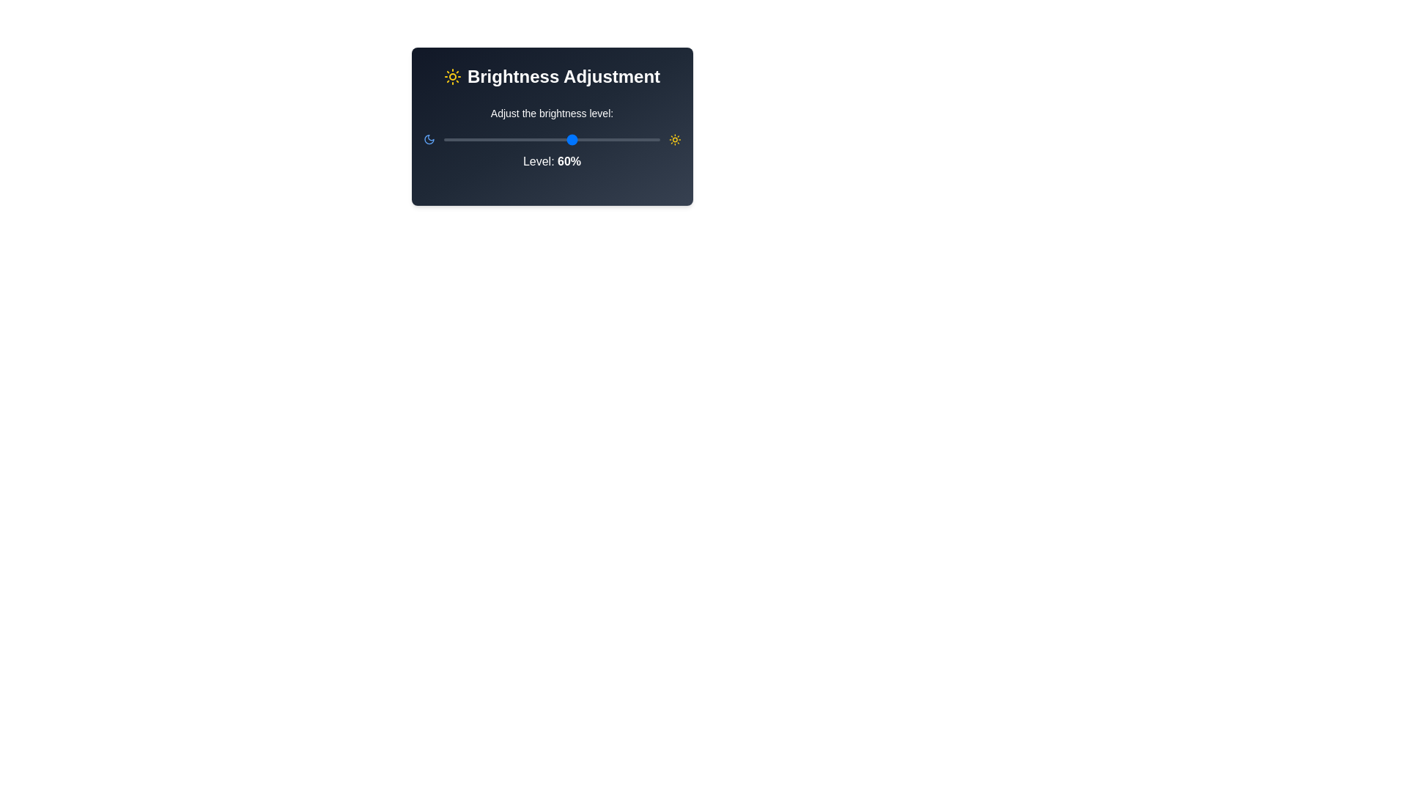  What do you see at coordinates (551, 76) in the screenshot?
I see `the 'Brightness Adjustment' title with an adjacent sun icon, which is located at the top-center region of the card interface` at bounding box center [551, 76].